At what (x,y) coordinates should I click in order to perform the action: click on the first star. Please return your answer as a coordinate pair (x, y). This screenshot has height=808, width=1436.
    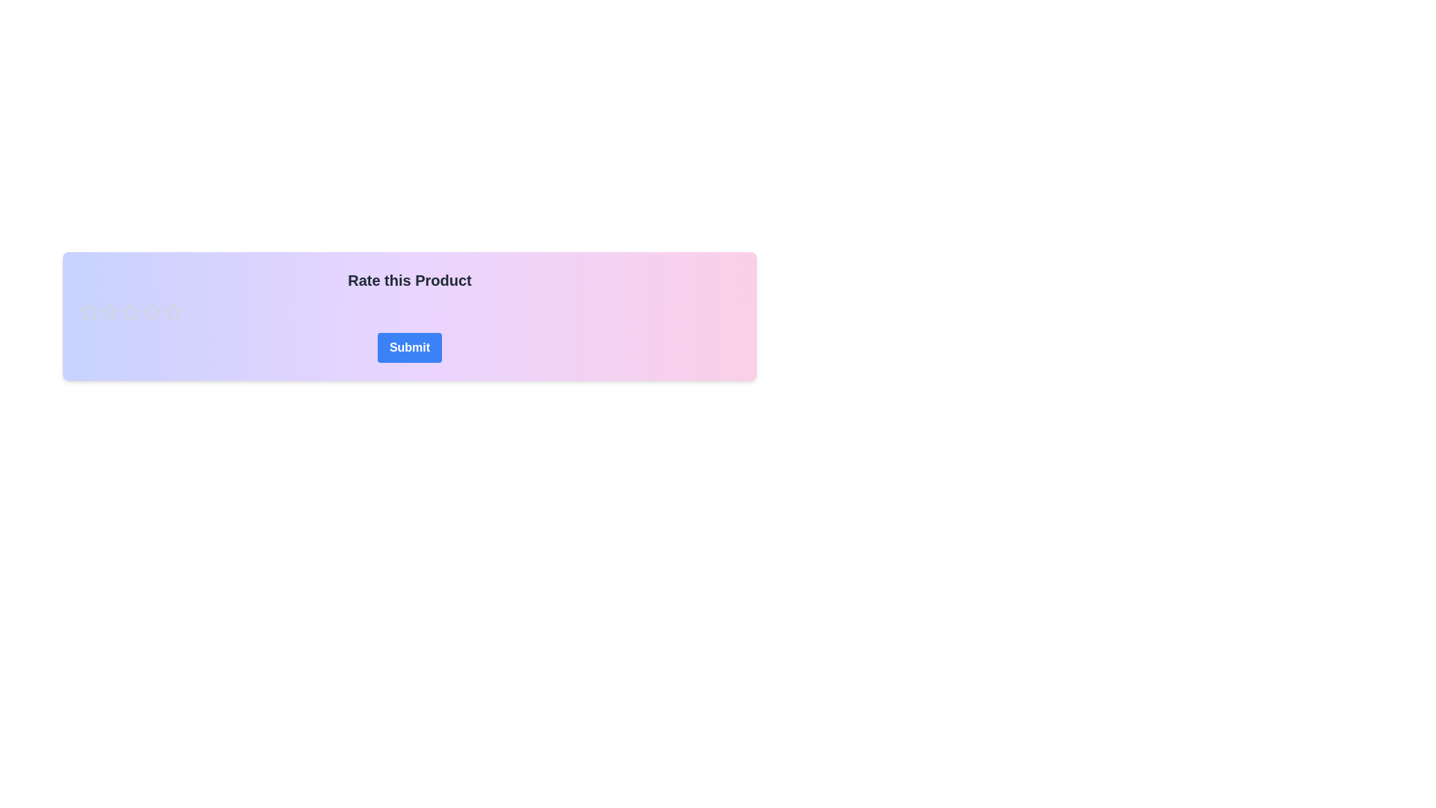
    Looking at the image, I should click on (152, 310).